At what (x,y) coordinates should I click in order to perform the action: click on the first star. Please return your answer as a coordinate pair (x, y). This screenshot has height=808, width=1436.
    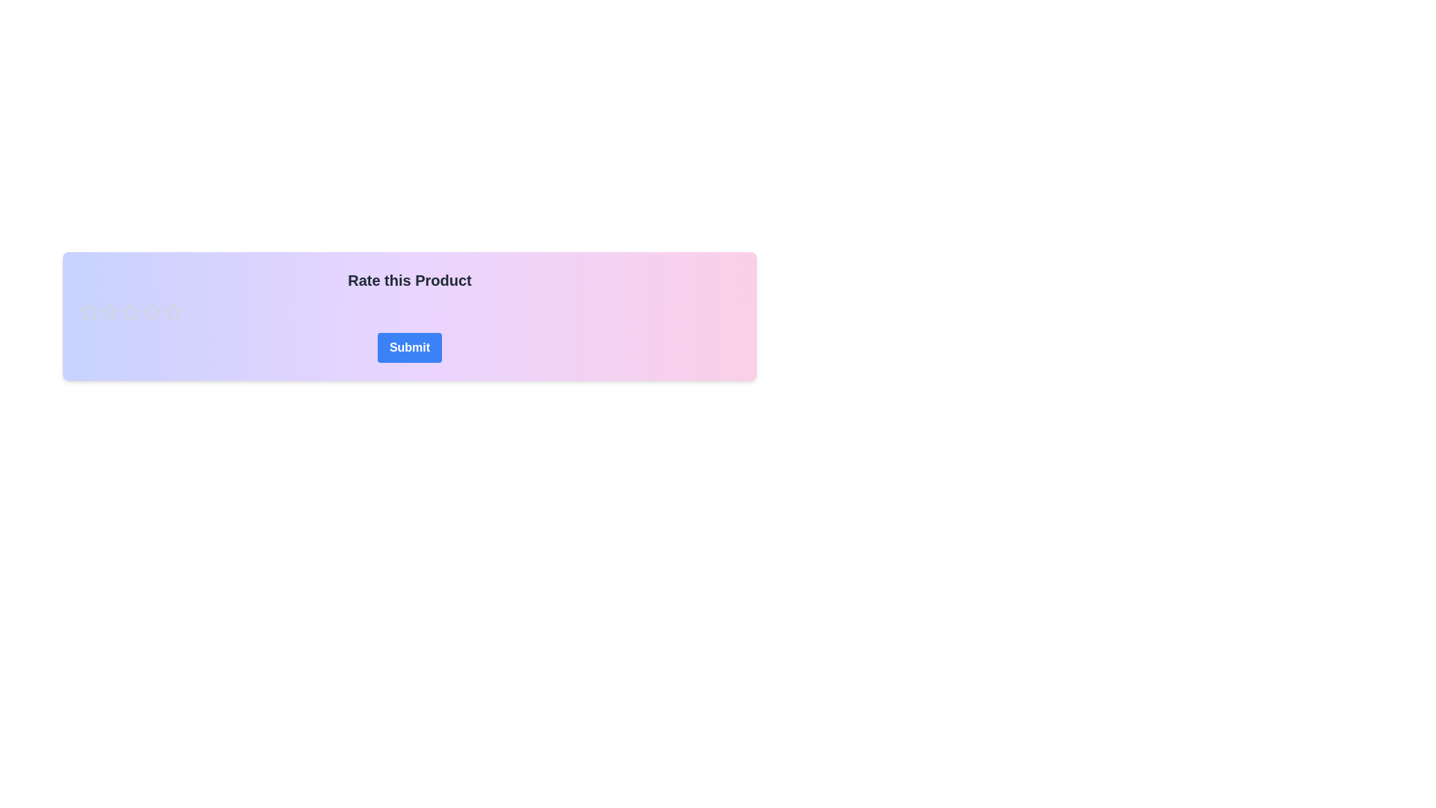
    Looking at the image, I should click on (152, 310).